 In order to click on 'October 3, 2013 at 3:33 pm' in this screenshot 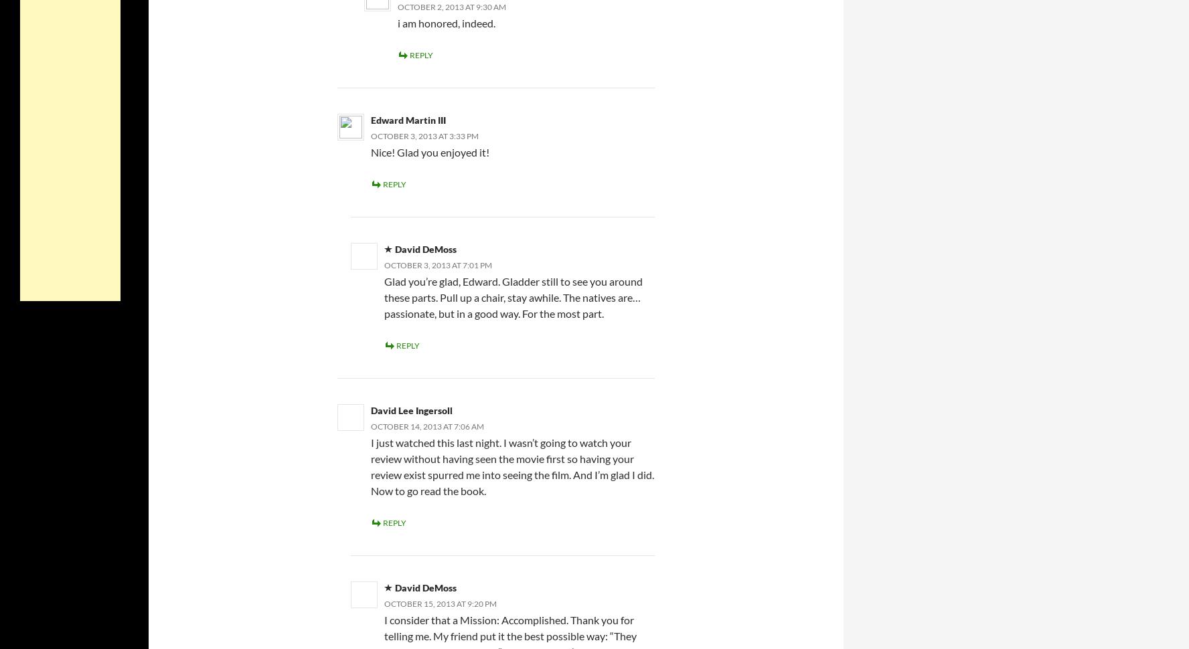, I will do `click(370, 135)`.